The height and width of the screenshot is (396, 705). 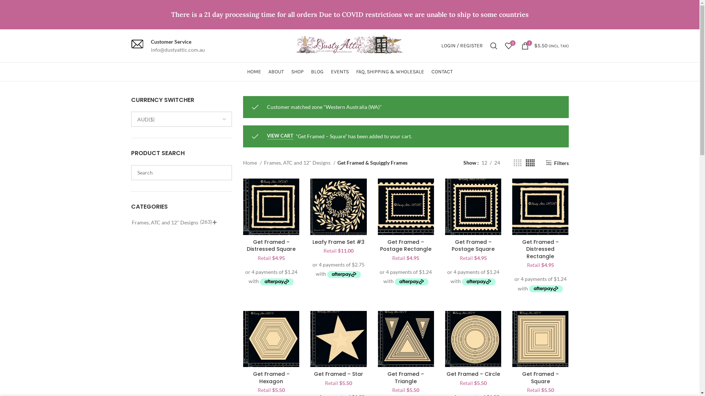 What do you see at coordinates (297, 72) in the screenshot?
I see `'SHOP'` at bounding box center [297, 72].